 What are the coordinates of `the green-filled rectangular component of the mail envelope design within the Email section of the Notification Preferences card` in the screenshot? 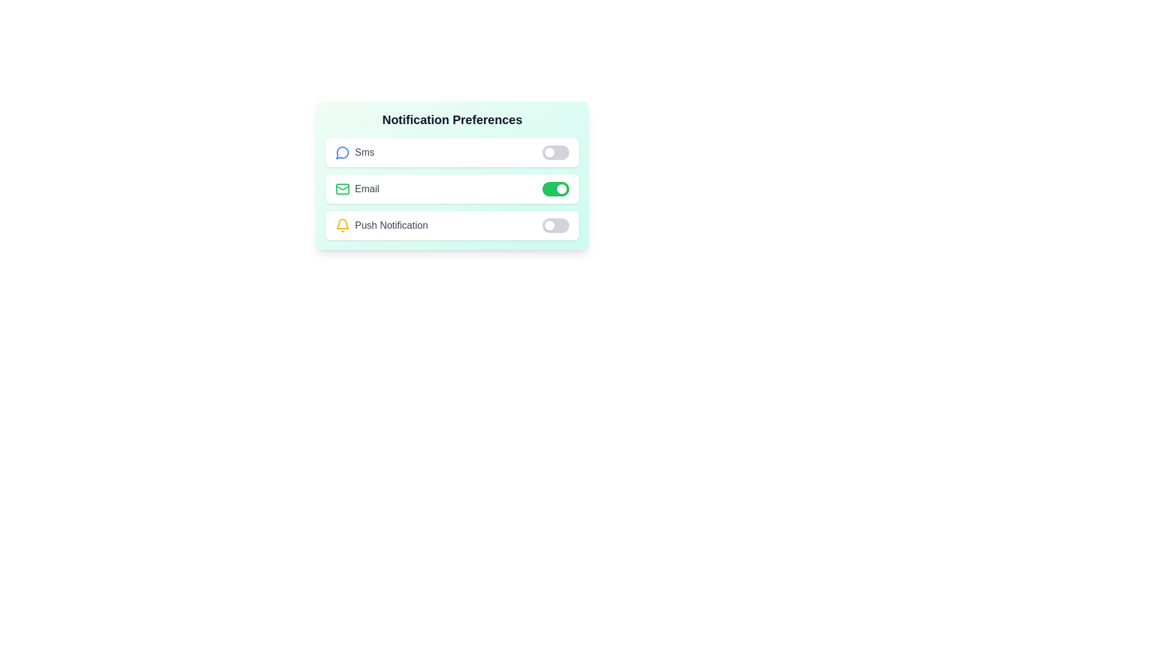 It's located at (342, 189).